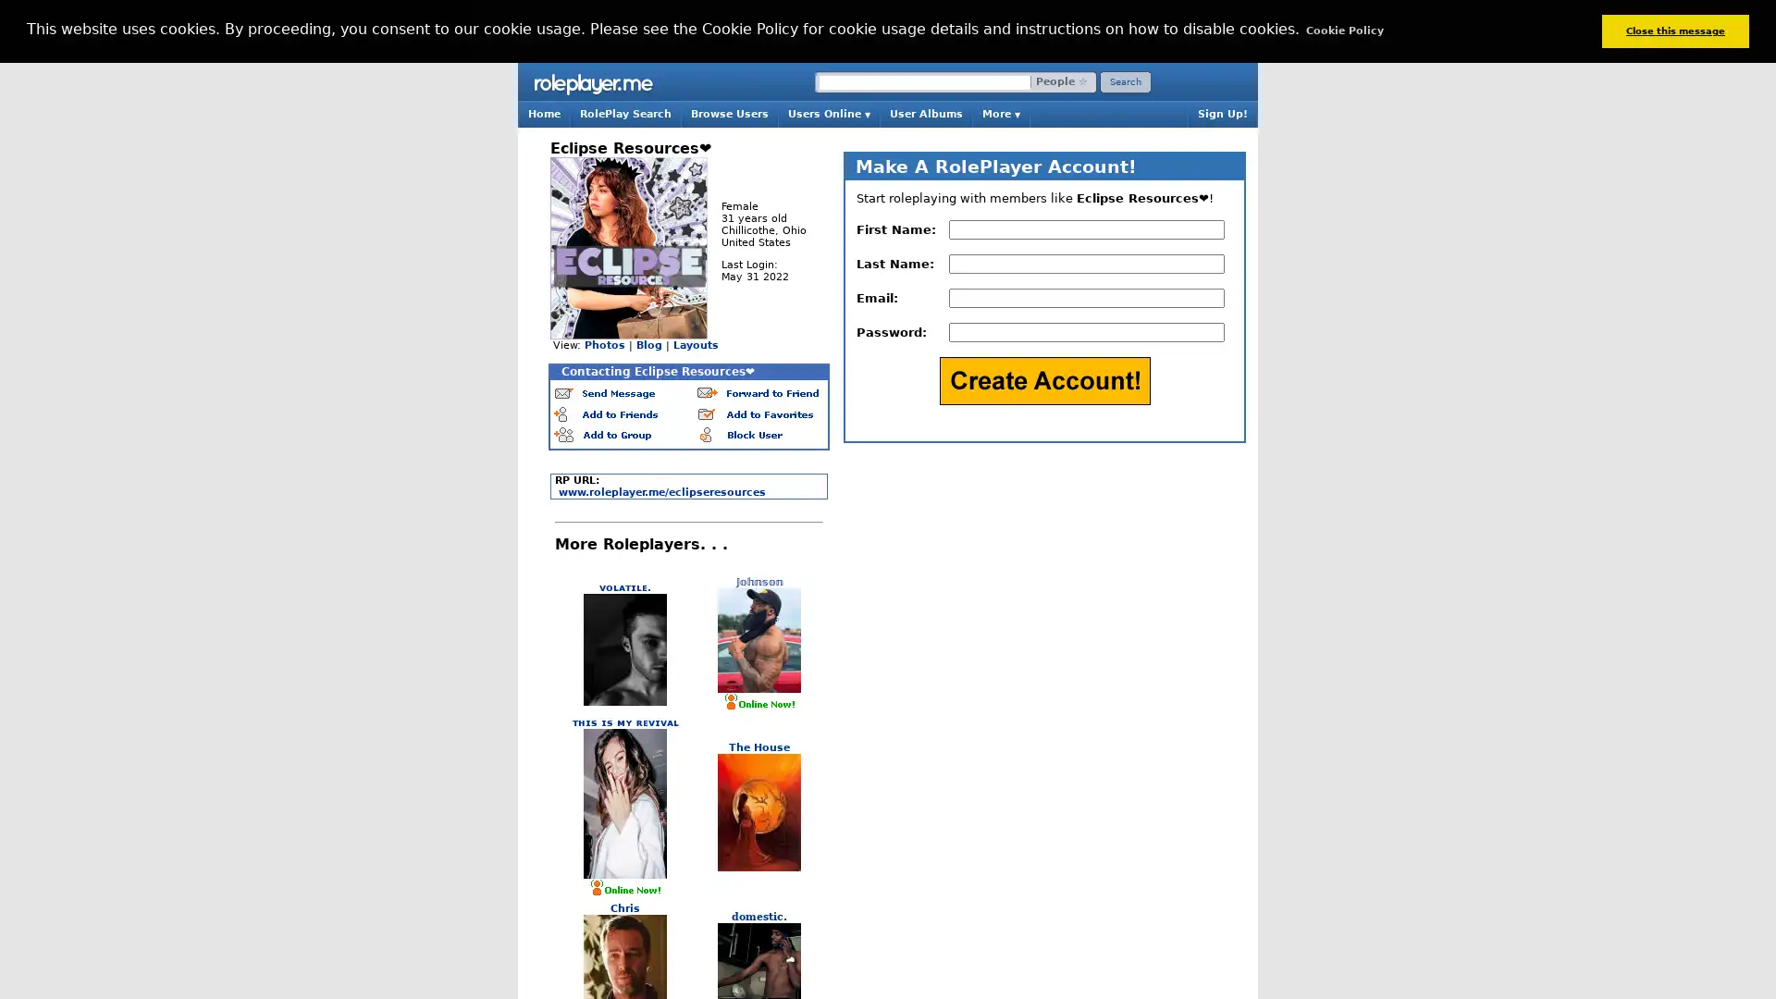 Image resolution: width=1776 pixels, height=999 pixels. Describe the element at coordinates (1125, 80) in the screenshot. I see `Search` at that location.